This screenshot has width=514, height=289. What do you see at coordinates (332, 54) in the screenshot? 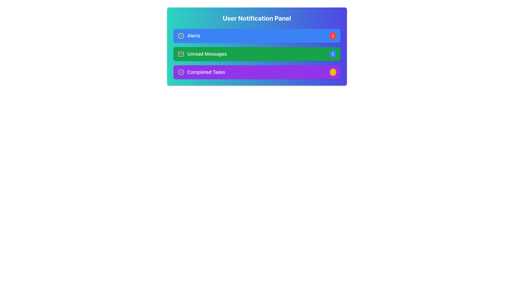
I see `count displayed on the numeric badge indicating unread messages, located to the far right of the 'Unread Messages' notification card in the second row of the notification list` at bounding box center [332, 54].